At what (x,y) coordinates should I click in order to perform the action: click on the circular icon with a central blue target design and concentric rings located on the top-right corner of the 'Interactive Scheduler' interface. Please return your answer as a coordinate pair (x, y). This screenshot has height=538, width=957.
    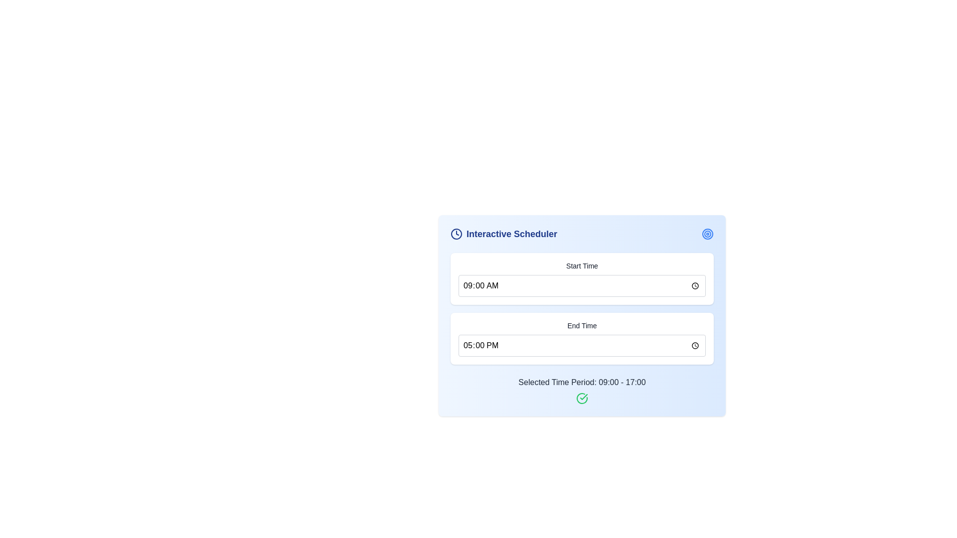
    Looking at the image, I should click on (707, 234).